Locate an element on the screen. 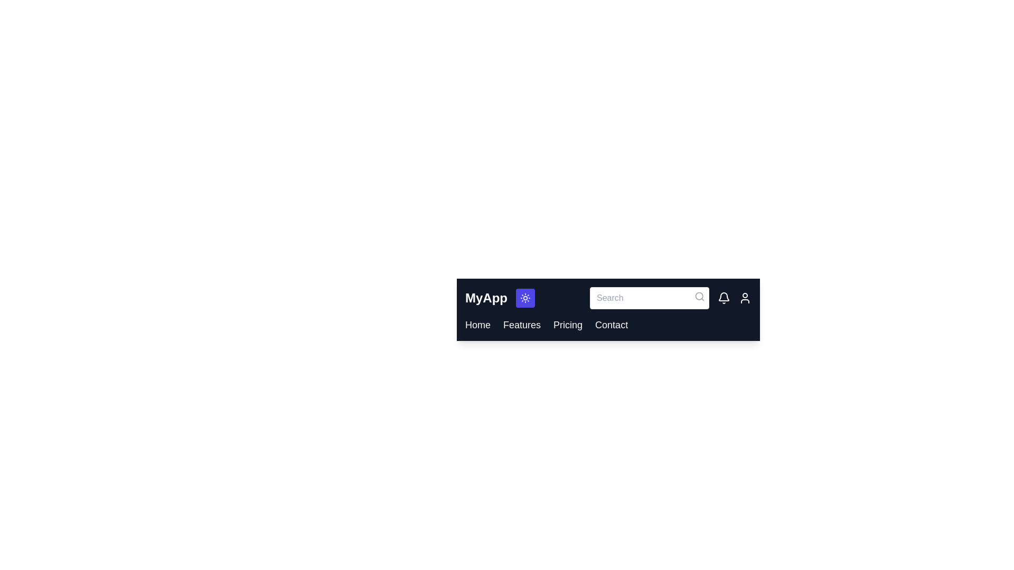 The width and height of the screenshot is (1014, 570). the Pricing link in the navigation bar is located at coordinates (567, 325).